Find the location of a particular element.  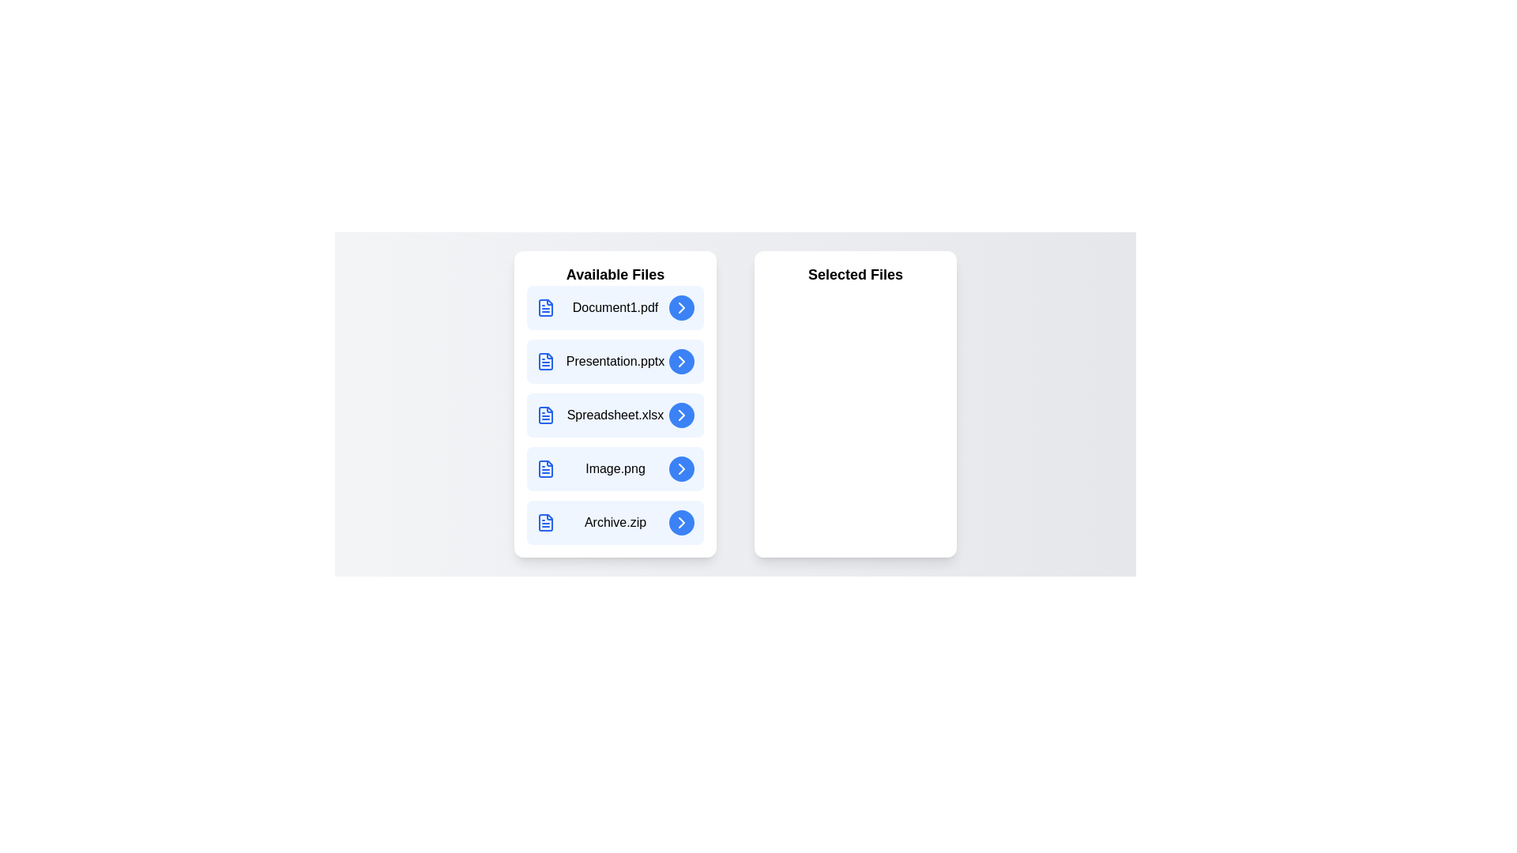

right arrow button next to the file Image.png in the 'Available Files' list to assign it to the 'Selected Files' list is located at coordinates (682, 468).